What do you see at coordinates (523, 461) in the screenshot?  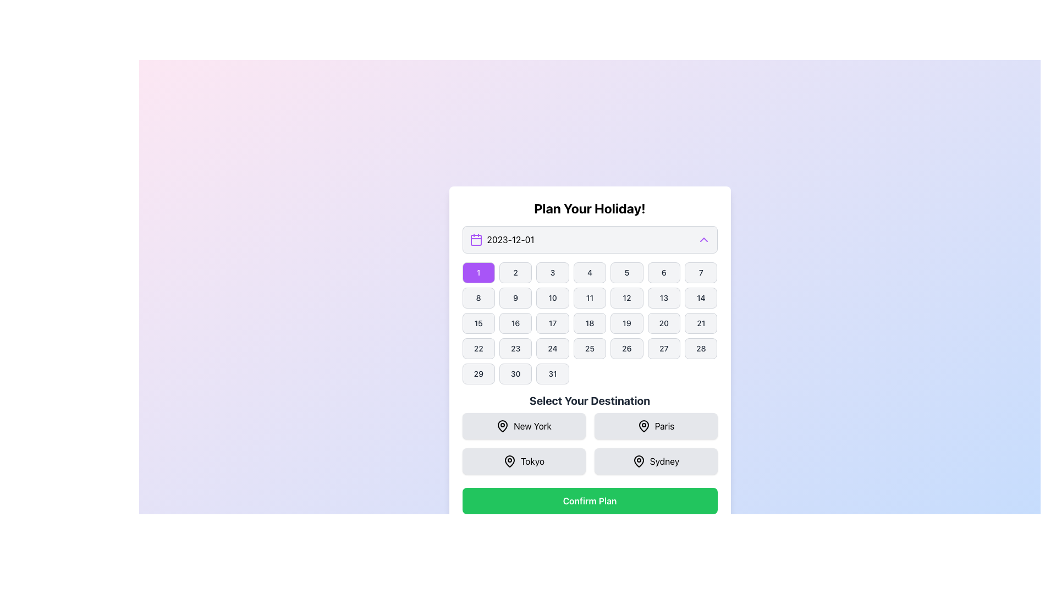 I see `the Interactive Button labeled 'Tokyo' to highlight selection` at bounding box center [523, 461].